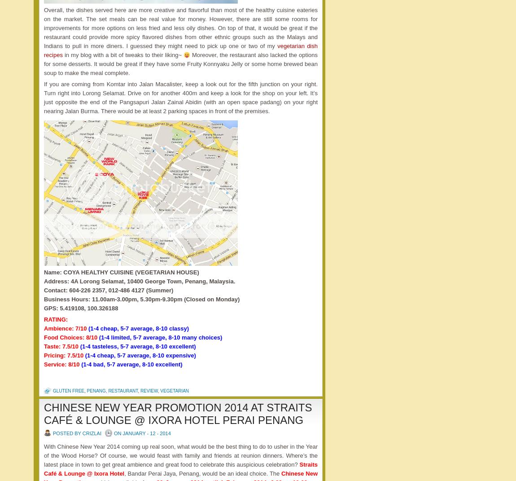 The width and height of the screenshot is (516, 481). Describe the element at coordinates (71, 337) in the screenshot. I see `'Food Choices: 8/10'` at that location.